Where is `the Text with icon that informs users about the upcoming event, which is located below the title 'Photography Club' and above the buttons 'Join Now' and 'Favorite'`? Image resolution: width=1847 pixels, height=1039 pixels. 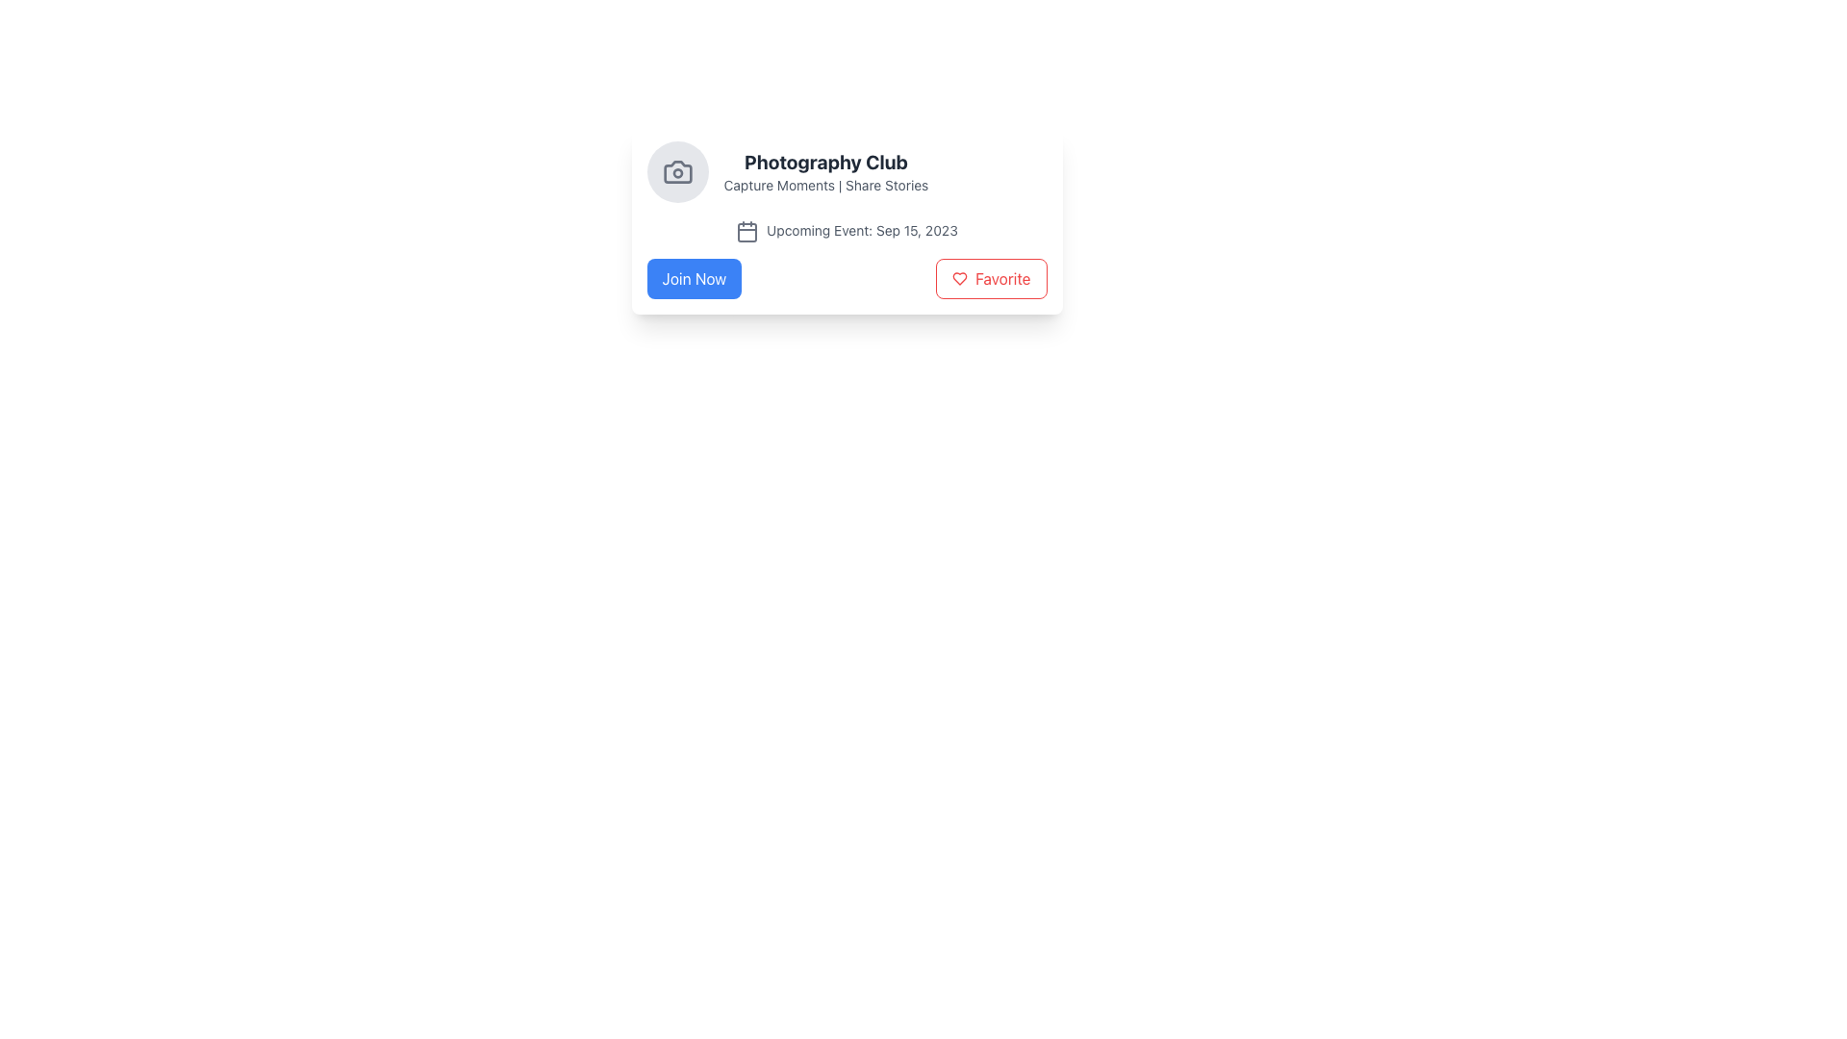 the Text with icon that informs users about the upcoming event, which is located below the title 'Photography Club' and above the buttons 'Join Now' and 'Favorite' is located at coordinates (847, 229).